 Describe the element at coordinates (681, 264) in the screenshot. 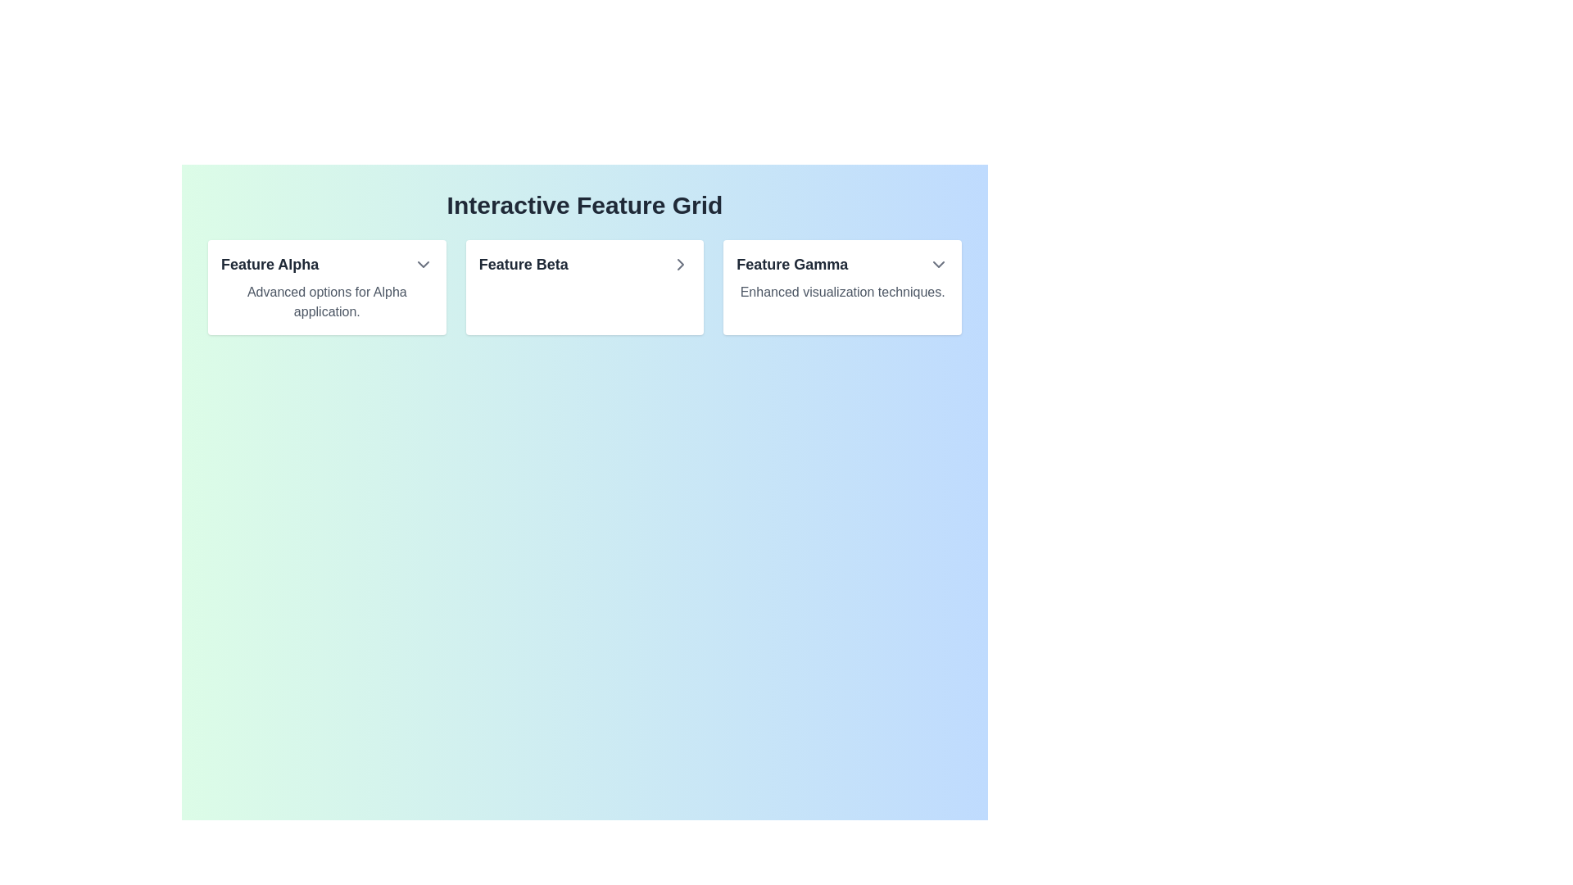

I see `the right-facing chevron icon next to the text 'Feature Beta'` at that location.